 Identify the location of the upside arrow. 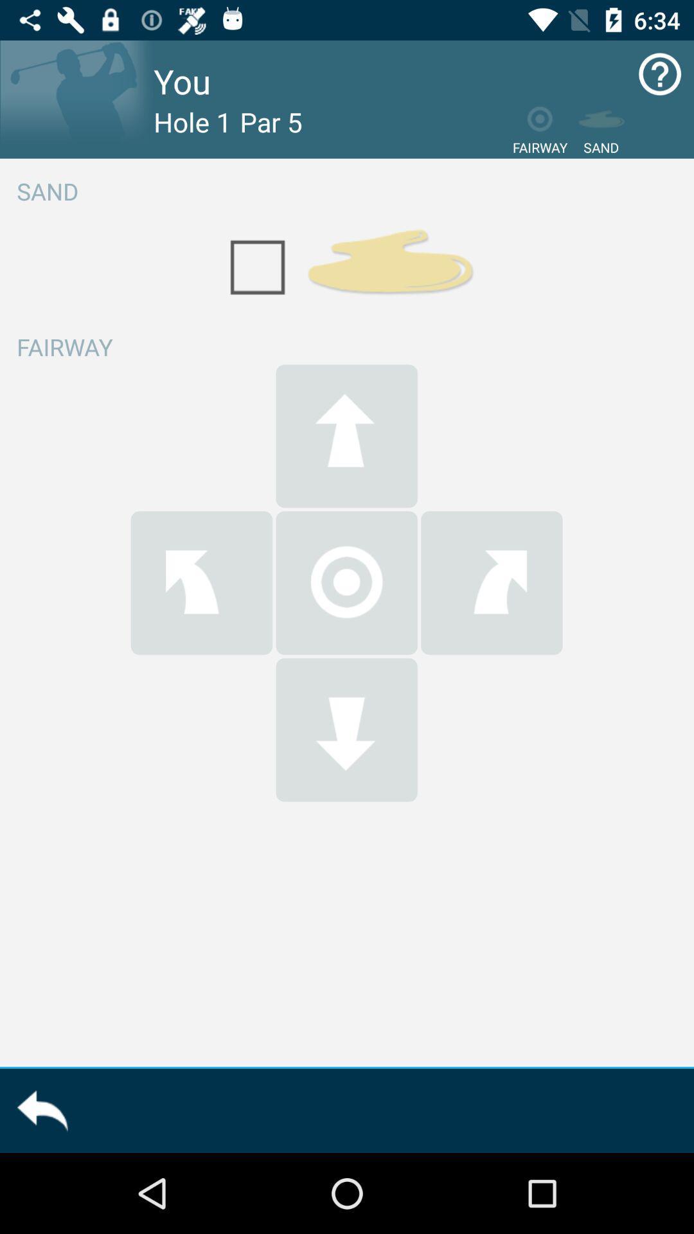
(347, 436).